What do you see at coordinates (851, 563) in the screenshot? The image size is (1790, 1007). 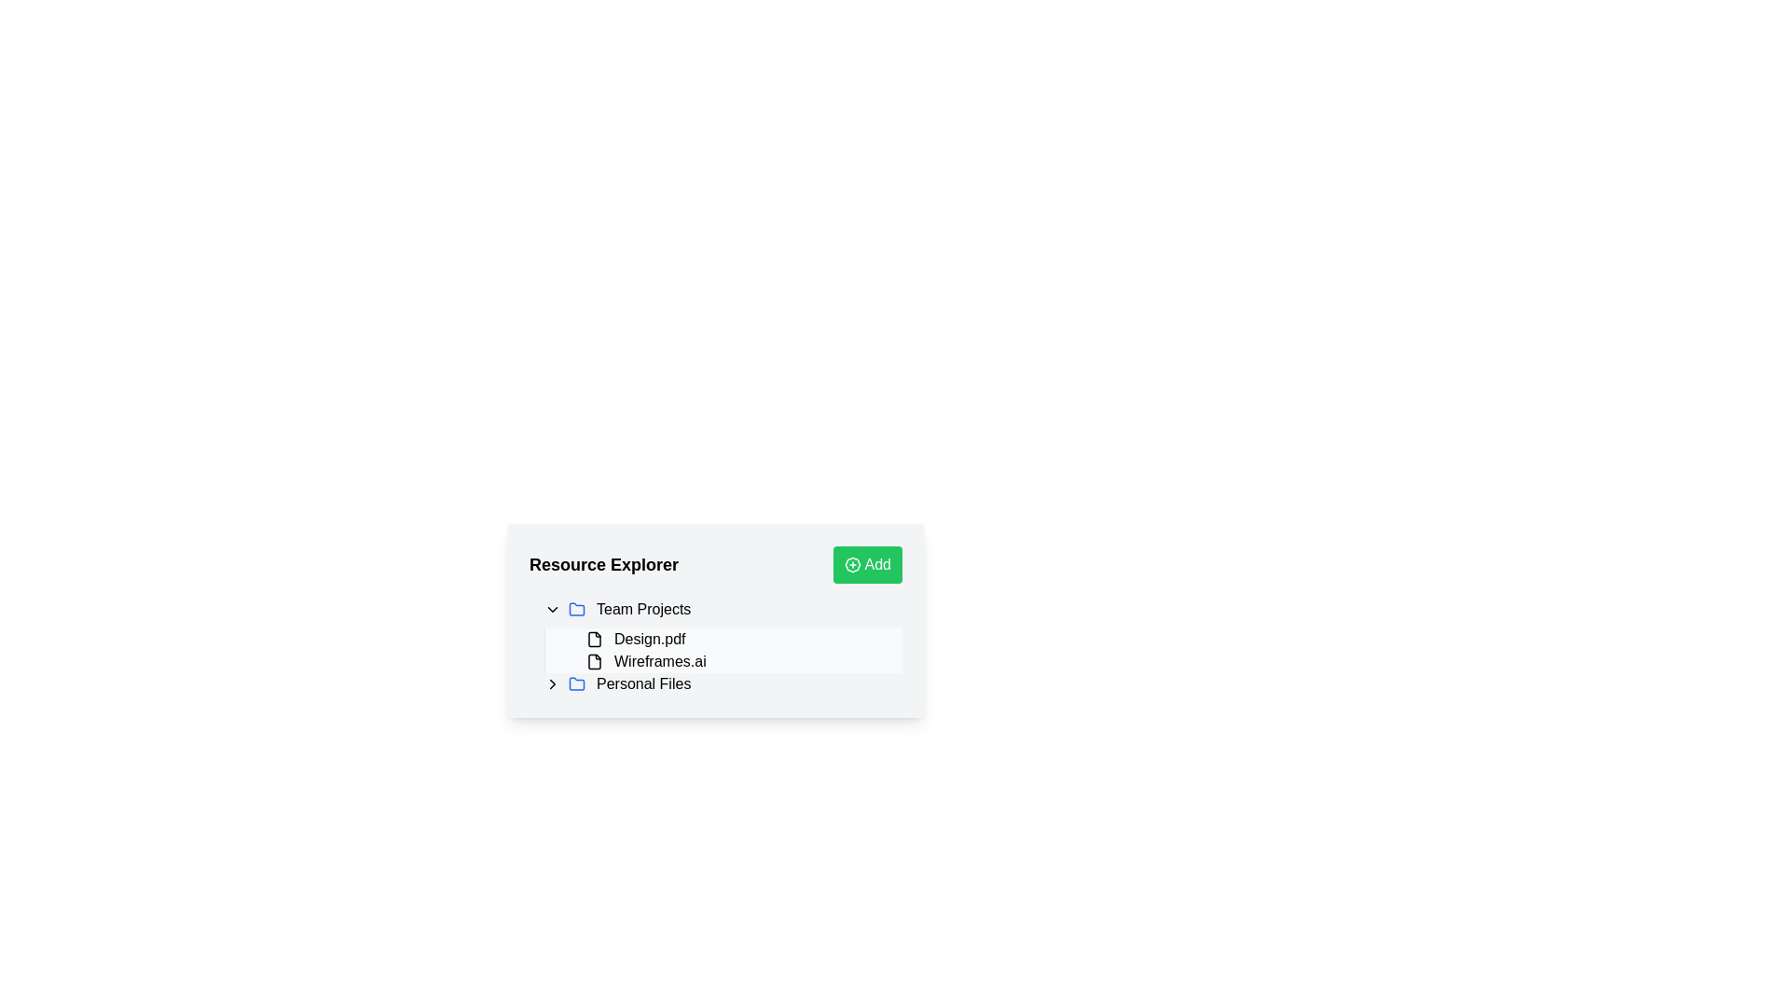 I see `the circular badge icon with a plus symbol inside, located to the left of the 'Add' text within the green rectangular button at the top right of the 'Resource Explorer' panel` at bounding box center [851, 563].